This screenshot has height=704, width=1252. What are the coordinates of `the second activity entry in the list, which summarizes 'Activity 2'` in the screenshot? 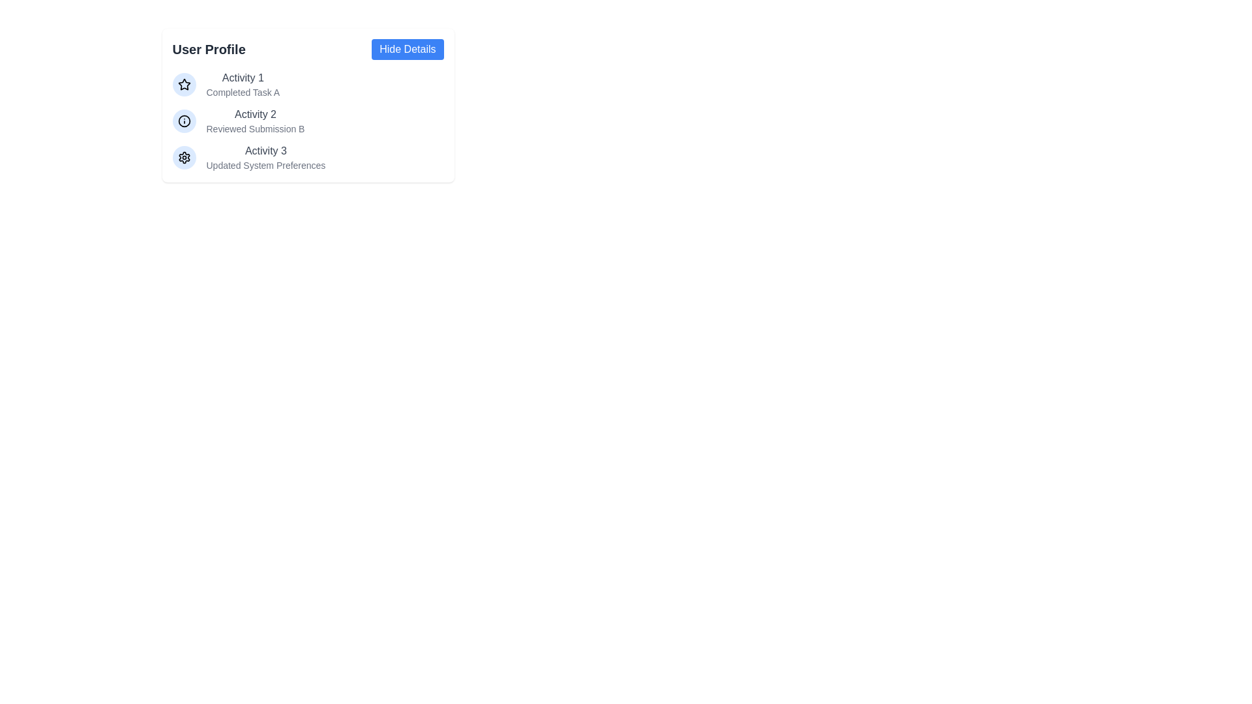 It's located at (307, 121).